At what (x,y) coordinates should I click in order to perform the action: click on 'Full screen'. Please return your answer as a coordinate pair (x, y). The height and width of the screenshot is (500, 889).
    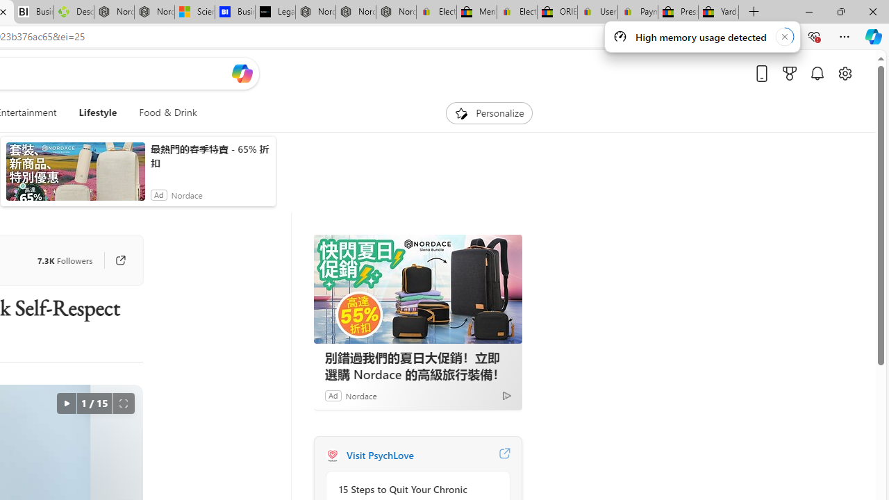
    Looking at the image, I should click on (123, 403).